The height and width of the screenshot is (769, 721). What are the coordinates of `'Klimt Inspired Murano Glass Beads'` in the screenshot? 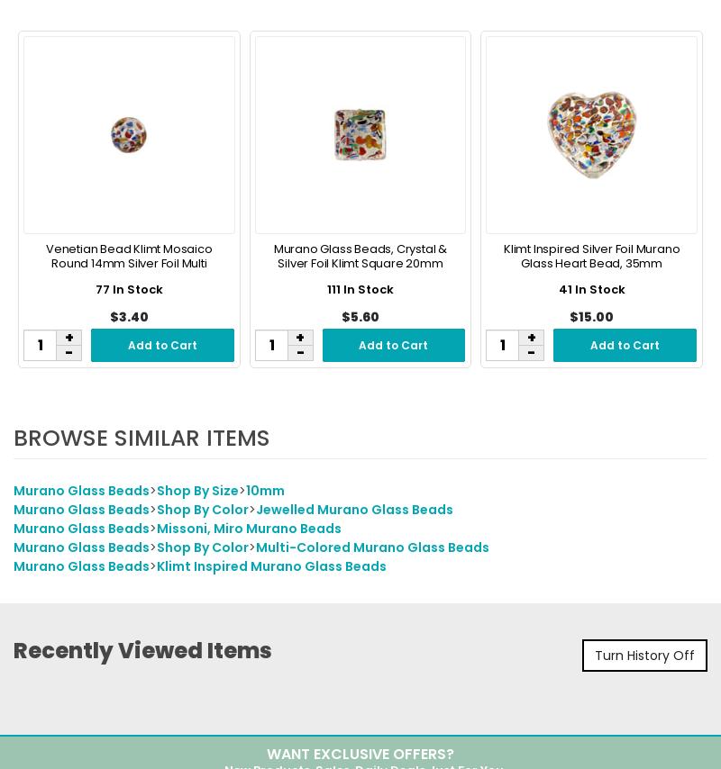 It's located at (156, 567).